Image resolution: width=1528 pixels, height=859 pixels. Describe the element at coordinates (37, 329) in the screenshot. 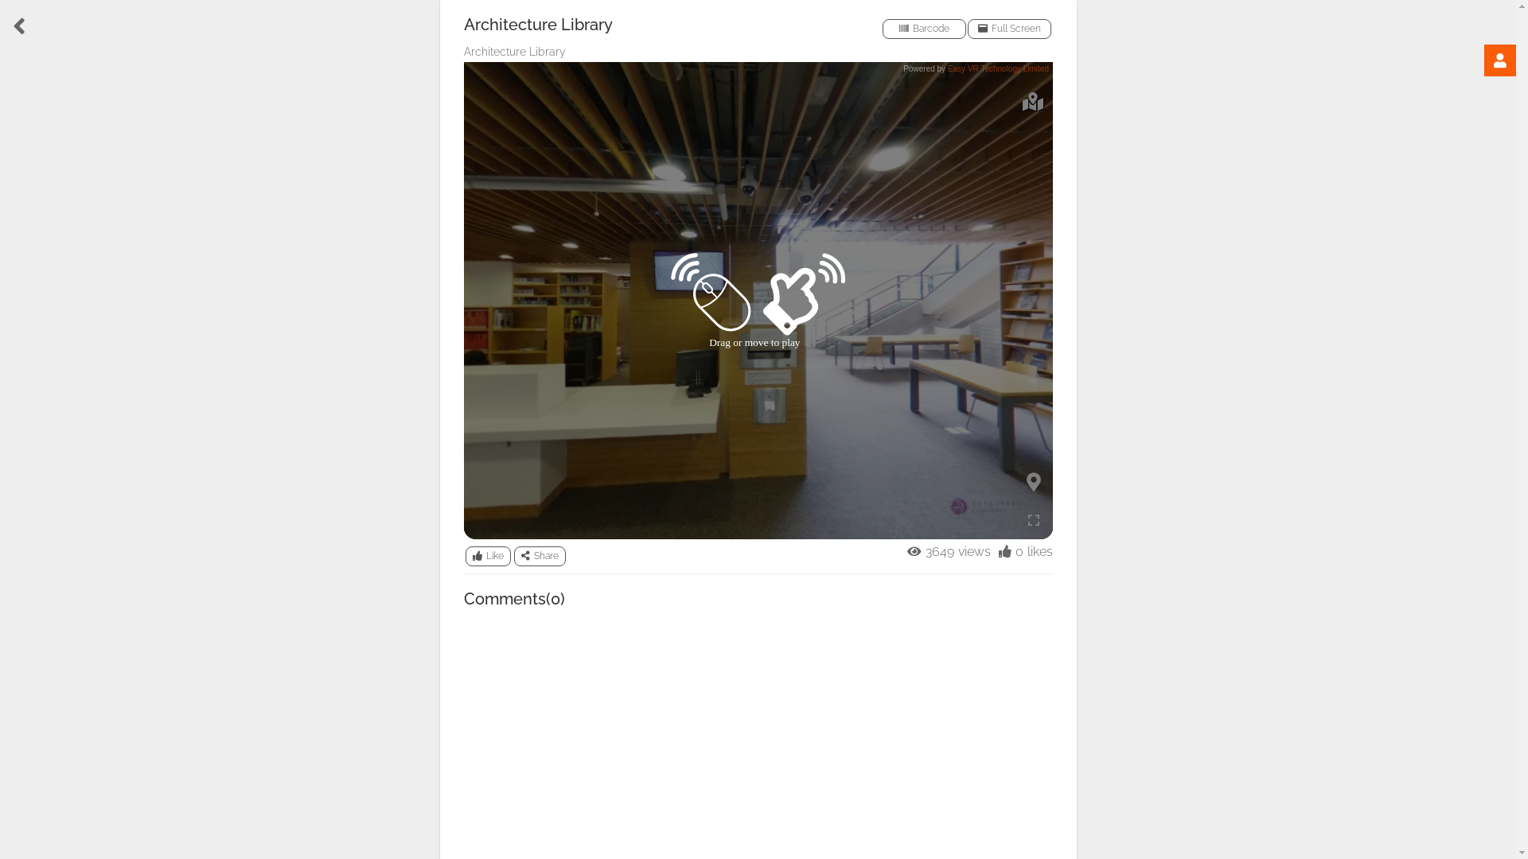

I see `'PROPERTY'` at that location.